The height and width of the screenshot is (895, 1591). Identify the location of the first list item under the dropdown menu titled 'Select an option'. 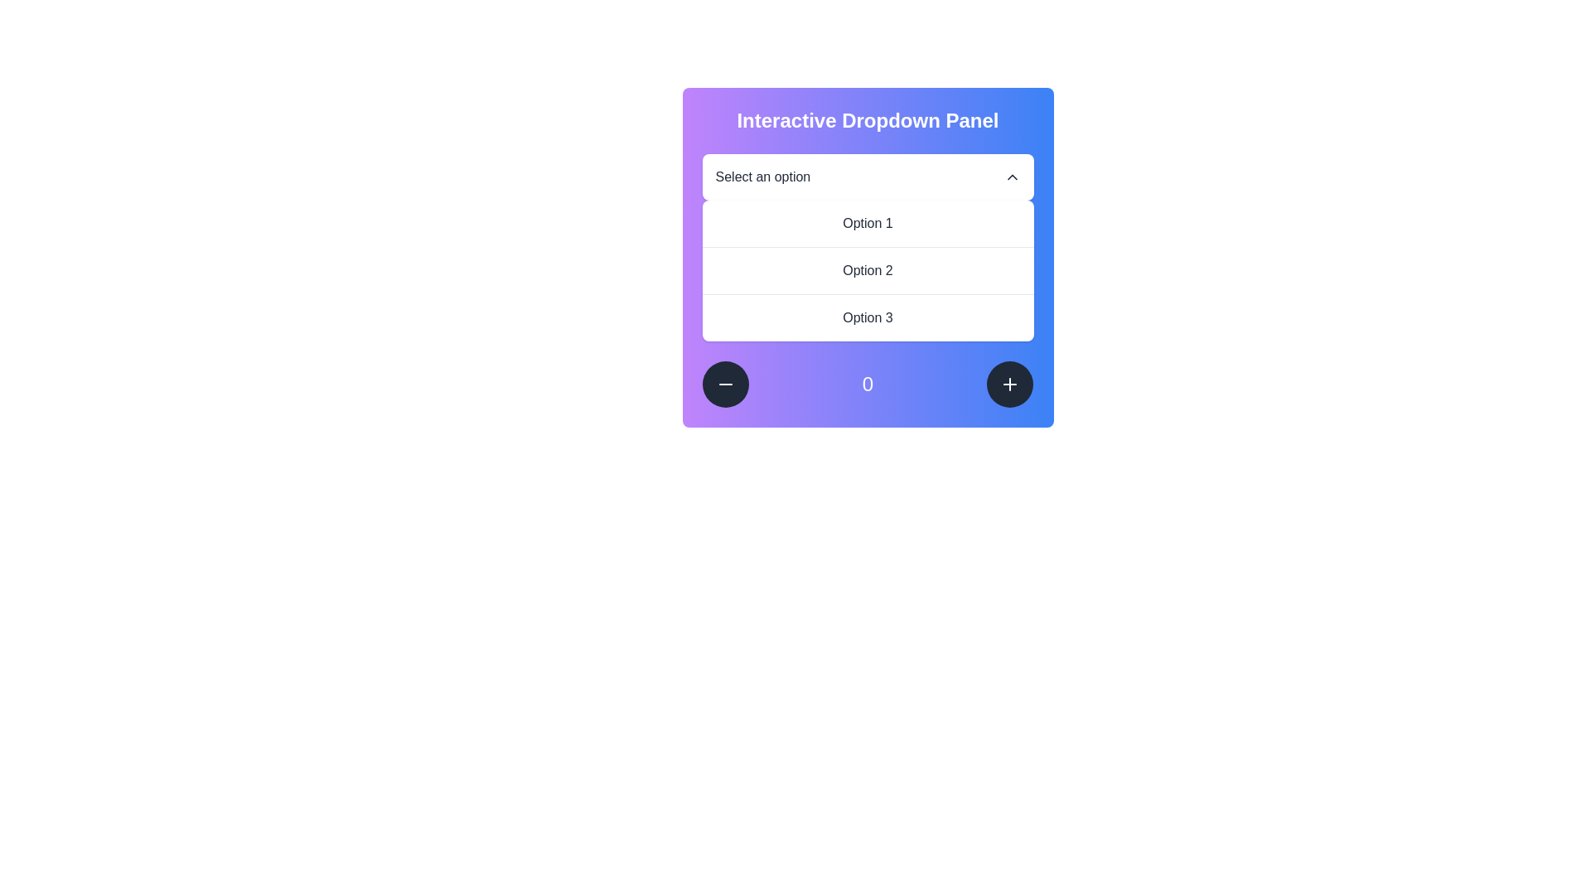
(867, 224).